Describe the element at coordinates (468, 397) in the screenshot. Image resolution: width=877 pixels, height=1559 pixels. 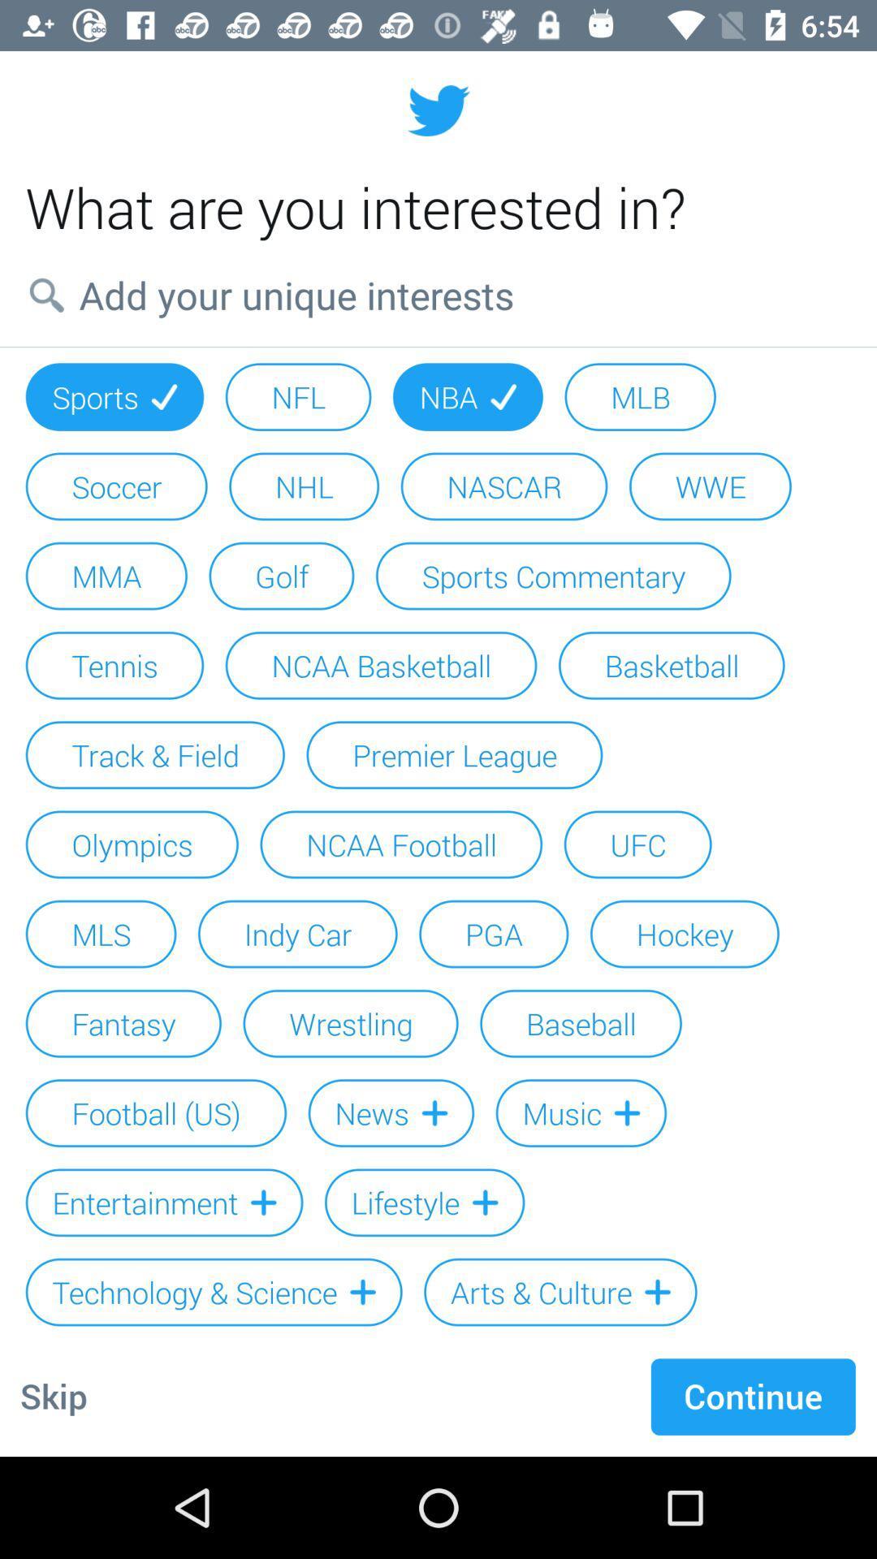
I see `item above the nascar` at that location.